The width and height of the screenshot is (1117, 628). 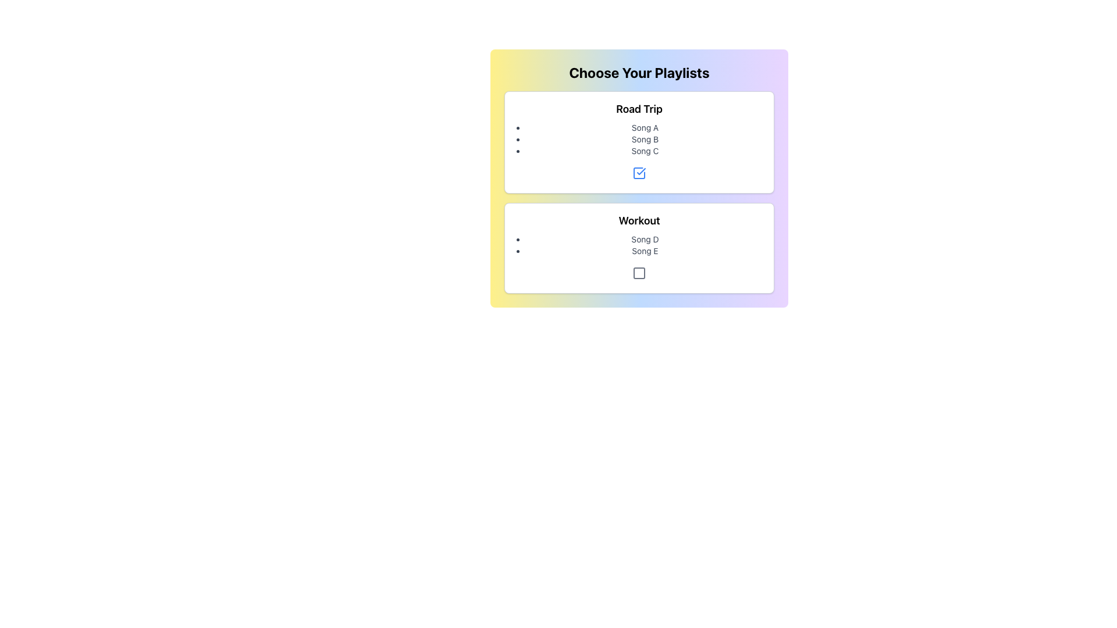 What do you see at coordinates (644, 239) in the screenshot?
I see `the Text Label displaying 'Song E' in the playlist under the 'Workout' heading, which is the first item in a bulleted list` at bounding box center [644, 239].